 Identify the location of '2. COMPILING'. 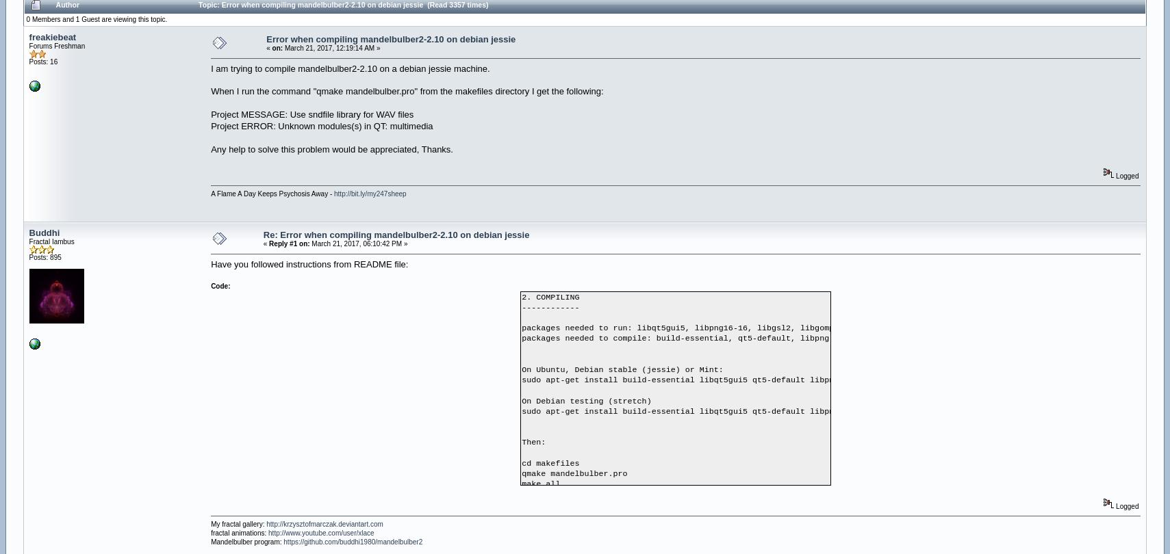
(521, 296).